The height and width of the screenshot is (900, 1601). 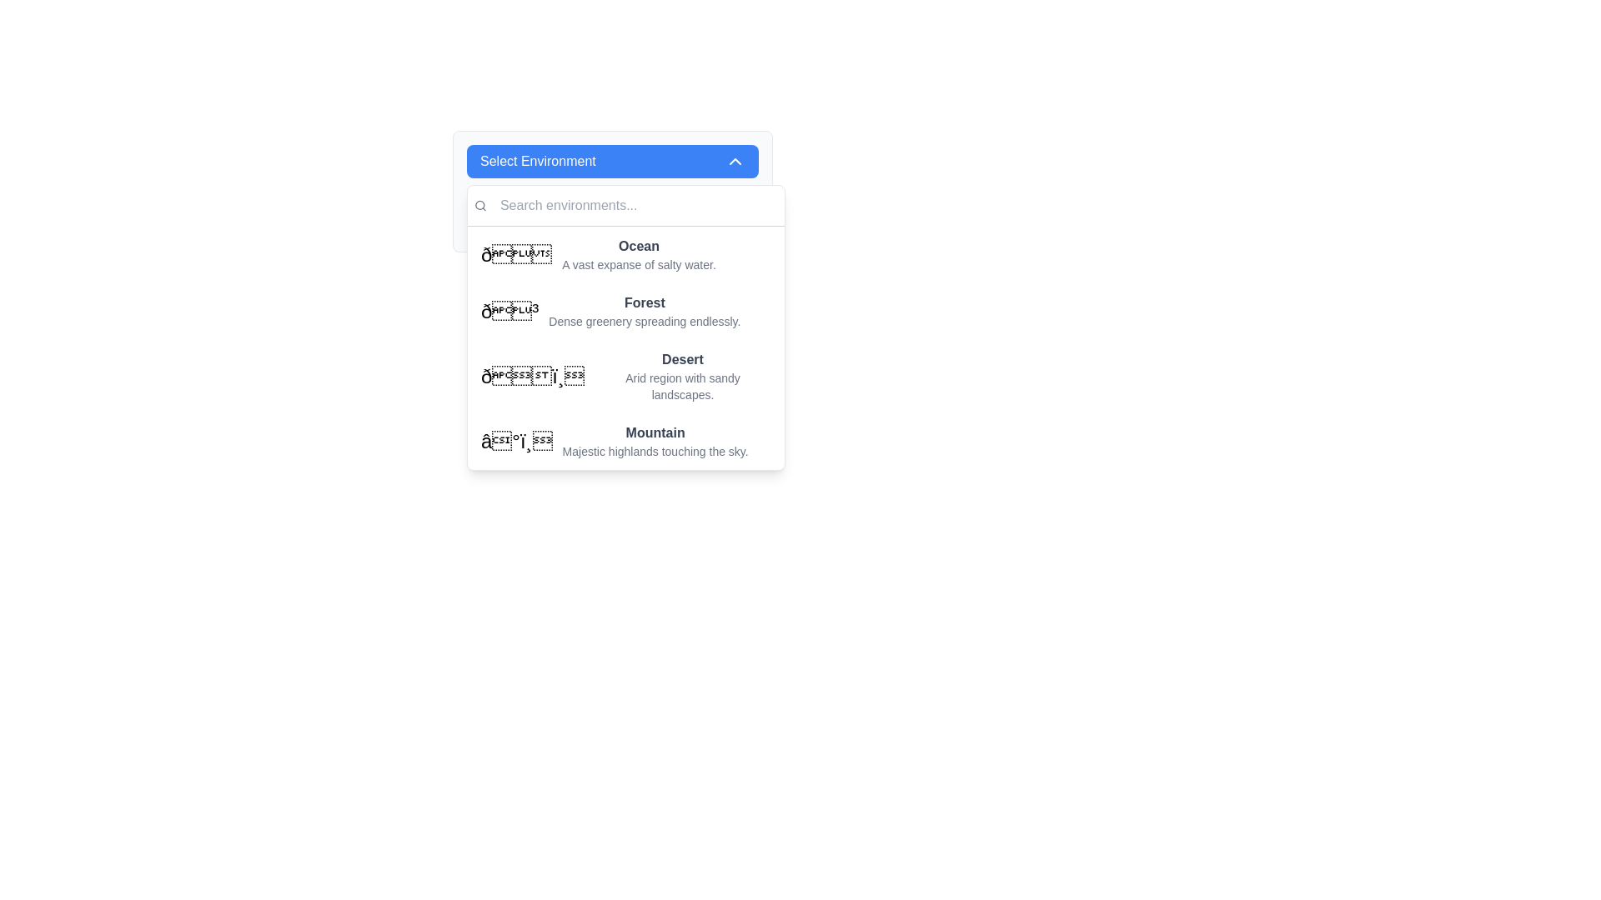 I want to click on the selectable list item labeled 'Forest' with a description 'Dense greenery spreading endlessly.' which is the second item in the dropdown menu, so click(x=625, y=312).